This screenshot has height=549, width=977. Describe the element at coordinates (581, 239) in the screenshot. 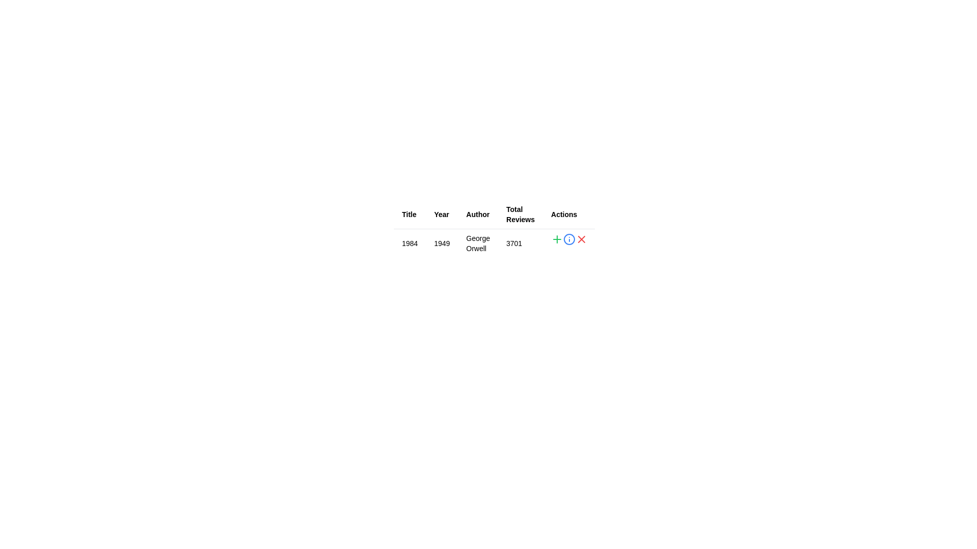

I see `the red 'X' icon button in the 'Actions' column of the table row for the book '1984' by George Orwell` at that location.